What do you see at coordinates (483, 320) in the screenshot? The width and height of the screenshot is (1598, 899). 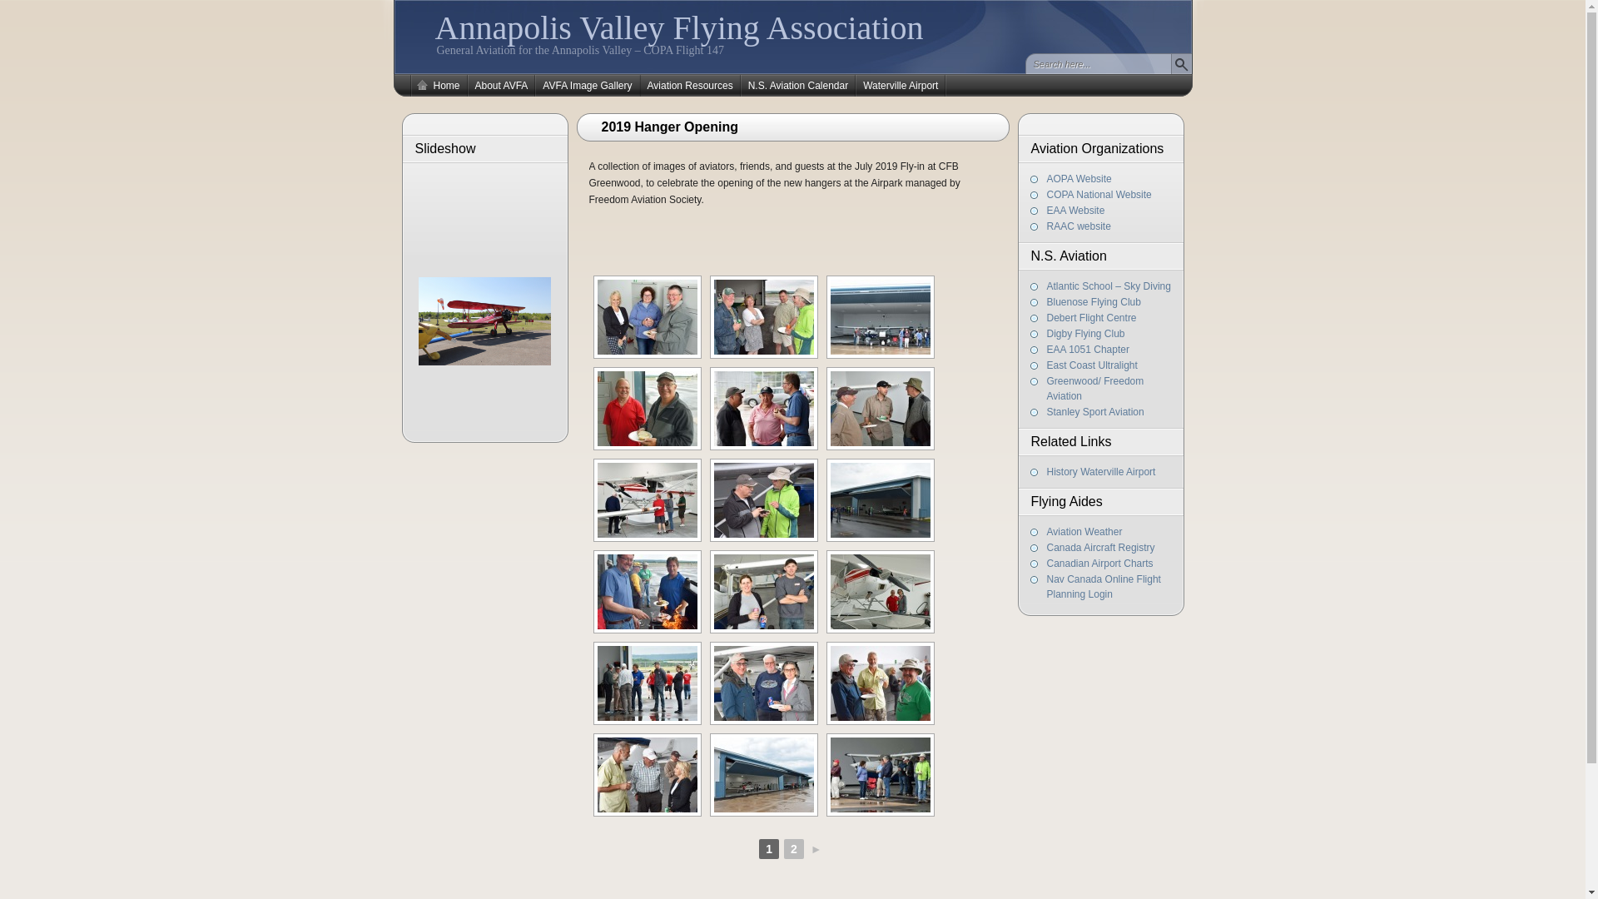 I see `'Boeing Stearman` at bounding box center [483, 320].